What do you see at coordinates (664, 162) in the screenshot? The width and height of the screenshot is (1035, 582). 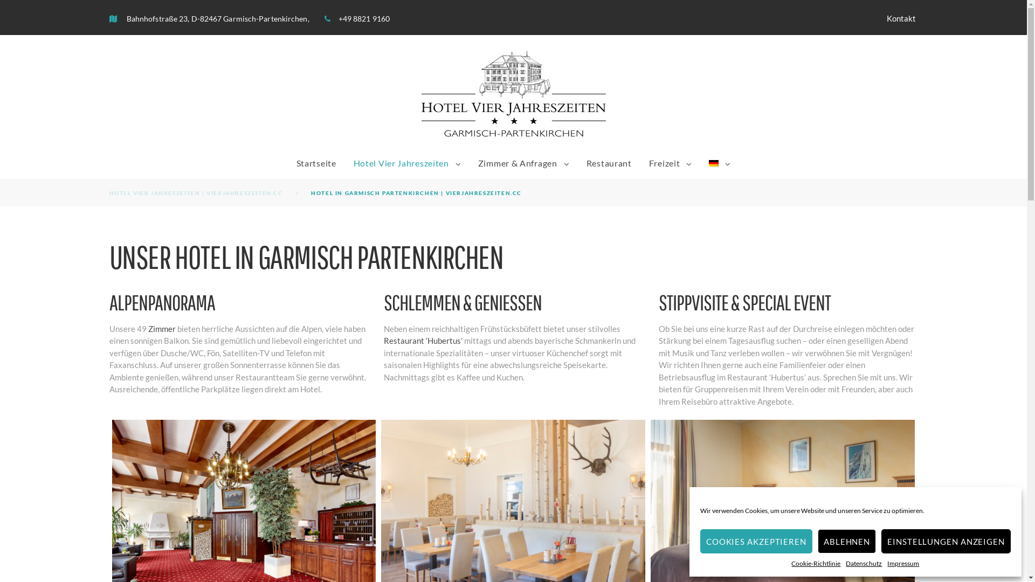 I see `'Freizeit'` at bounding box center [664, 162].